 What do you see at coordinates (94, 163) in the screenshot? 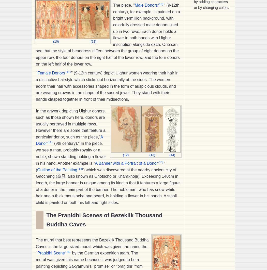
I see `'A Banner with a Portrait of a Donor'` at bounding box center [94, 163].